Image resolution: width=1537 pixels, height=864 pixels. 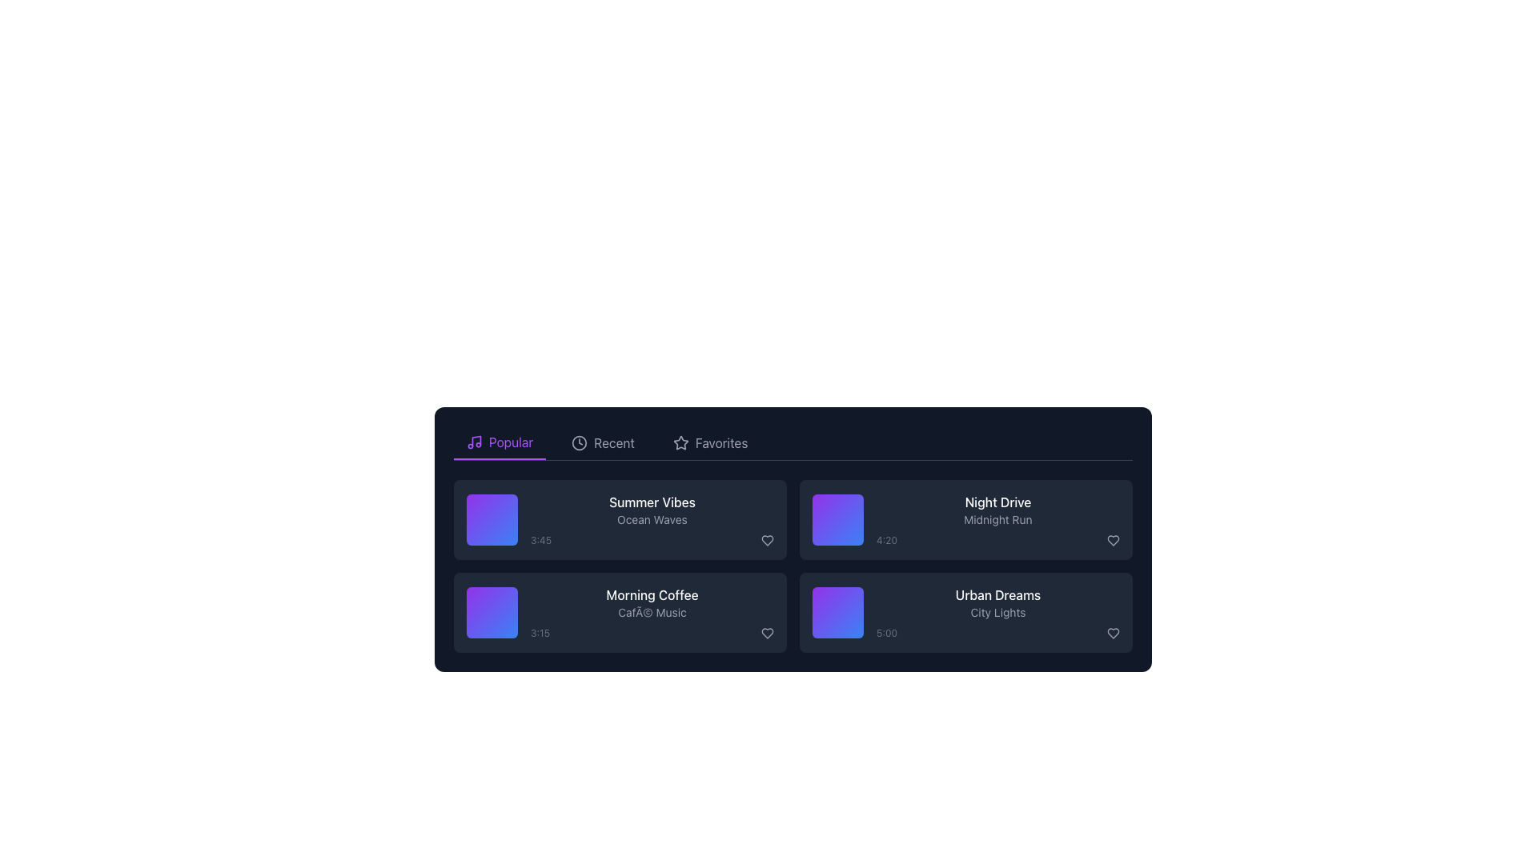 What do you see at coordinates (767, 632) in the screenshot?
I see `the heart-shaped icon in the bottom-right corner of the 'Morning Coffee' card` at bounding box center [767, 632].